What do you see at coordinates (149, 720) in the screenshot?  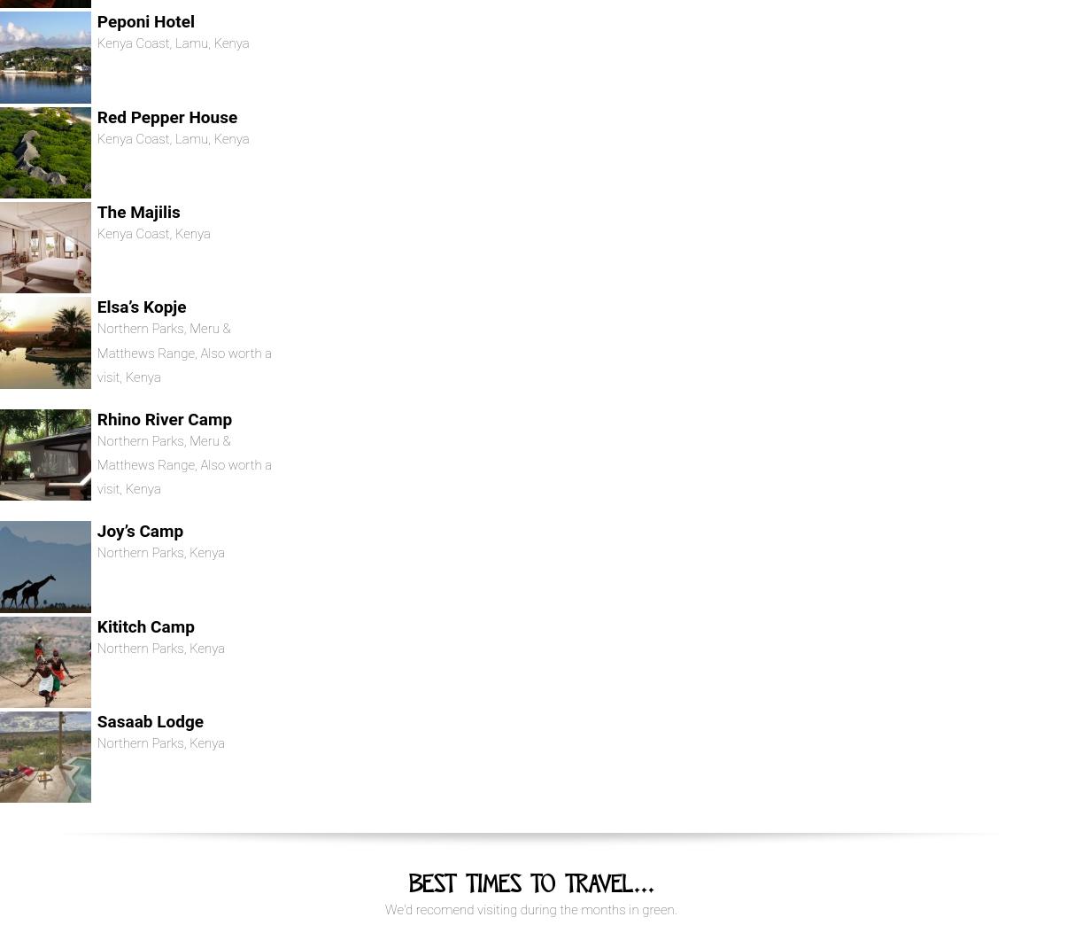 I see `'Sasaab Lodge'` at bounding box center [149, 720].